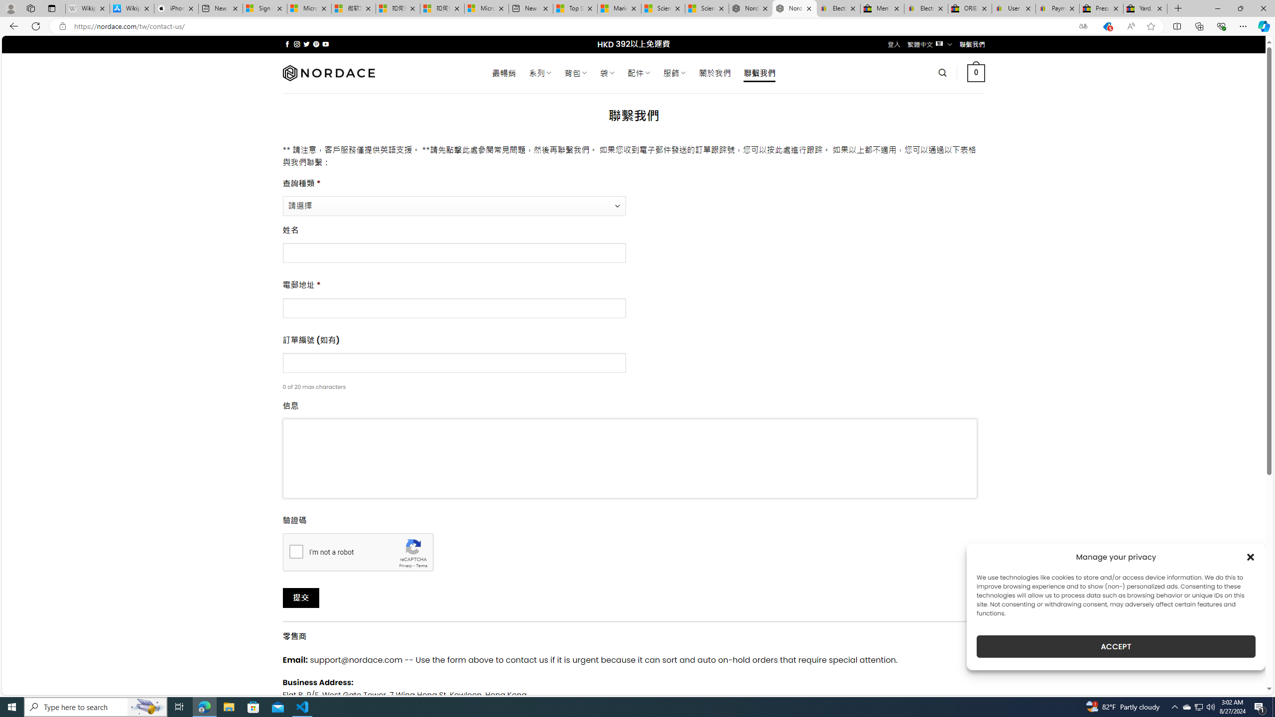  Describe the element at coordinates (1145, 8) in the screenshot. I see `'Yard, Garden & Outdoor Living'` at that location.